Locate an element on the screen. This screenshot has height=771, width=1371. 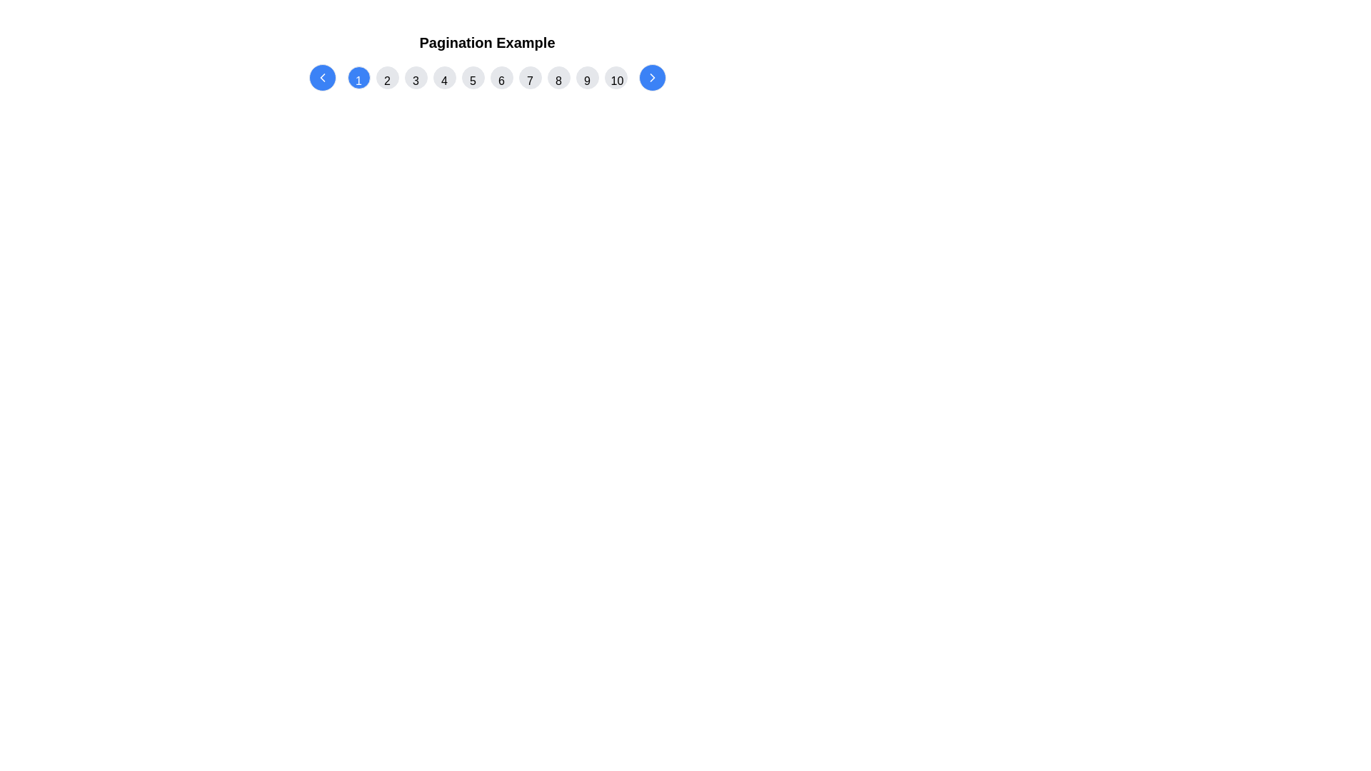
the circular blue button displaying '1' is located at coordinates (358, 77).